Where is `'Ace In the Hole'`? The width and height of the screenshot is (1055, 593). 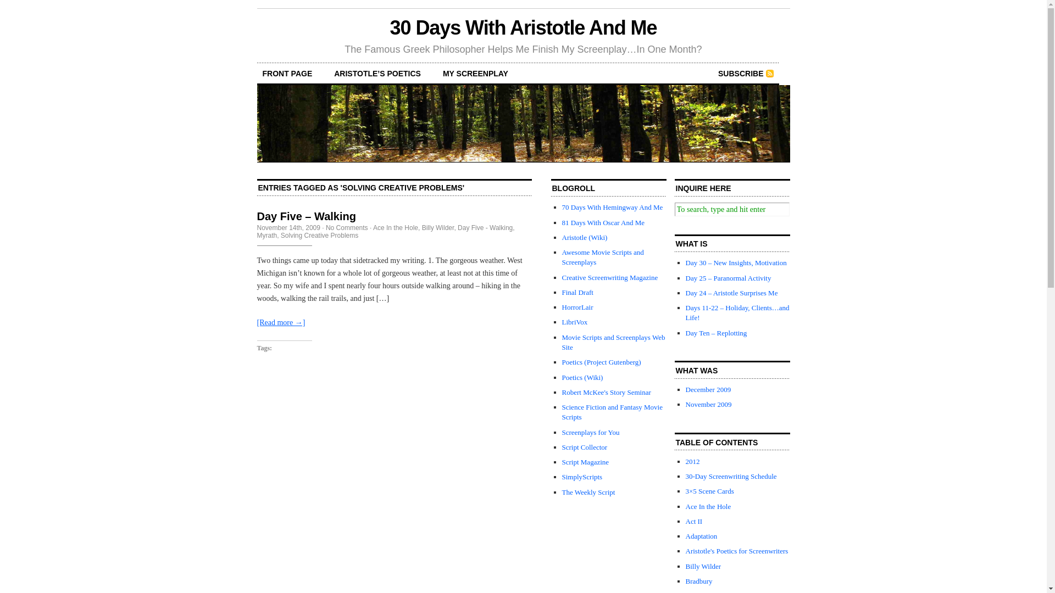
'Ace In the Hole' is located at coordinates (708, 506).